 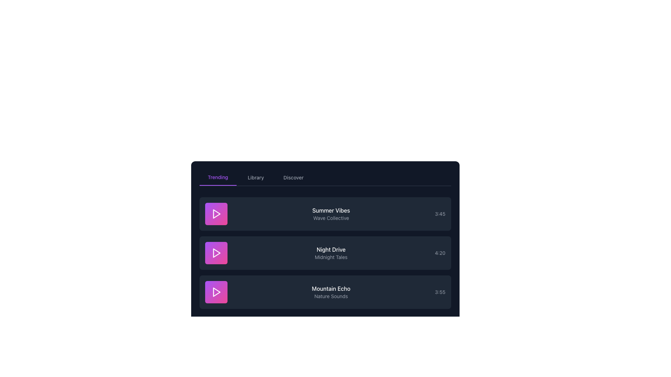 What do you see at coordinates (325, 253) in the screenshot?
I see `the item in the 'Trending' list, which features a play button icon and a gradient background` at bounding box center [325, 253].